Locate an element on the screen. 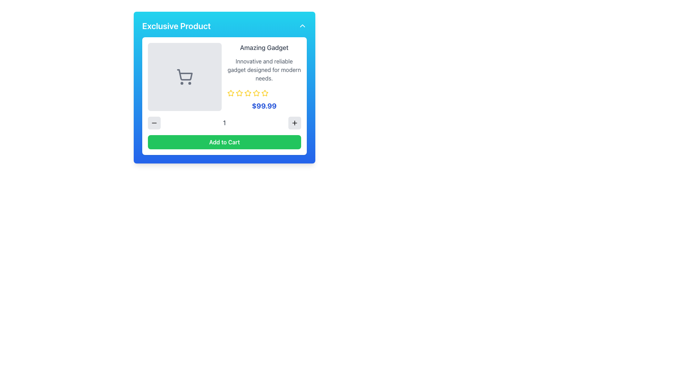 The width and height of the screenshot is (681, 383). the small square-shaped button with a light gray background and a black plus sign icon located in the product detail card interface near the bottom-right corner is located at coordinates (294, 123).